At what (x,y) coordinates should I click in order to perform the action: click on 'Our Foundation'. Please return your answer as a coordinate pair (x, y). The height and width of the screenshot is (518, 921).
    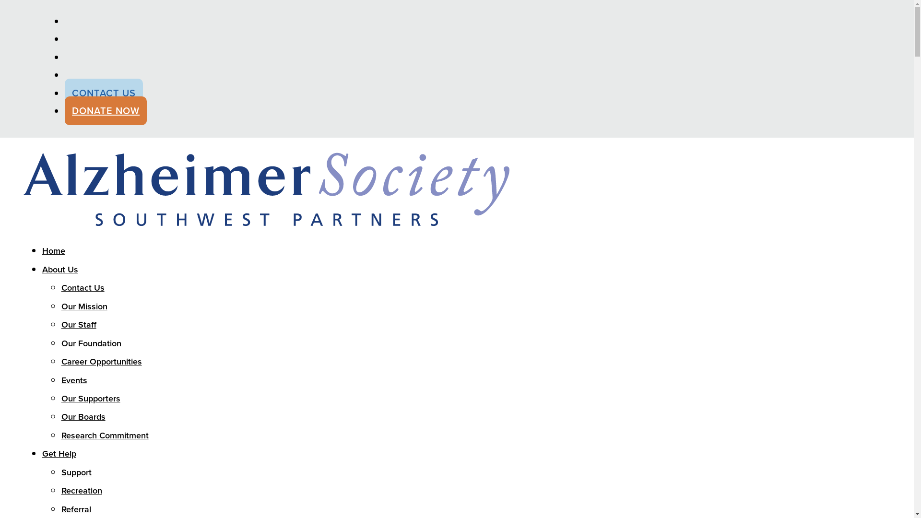
    Looking at the image, I should click on (91, 343).